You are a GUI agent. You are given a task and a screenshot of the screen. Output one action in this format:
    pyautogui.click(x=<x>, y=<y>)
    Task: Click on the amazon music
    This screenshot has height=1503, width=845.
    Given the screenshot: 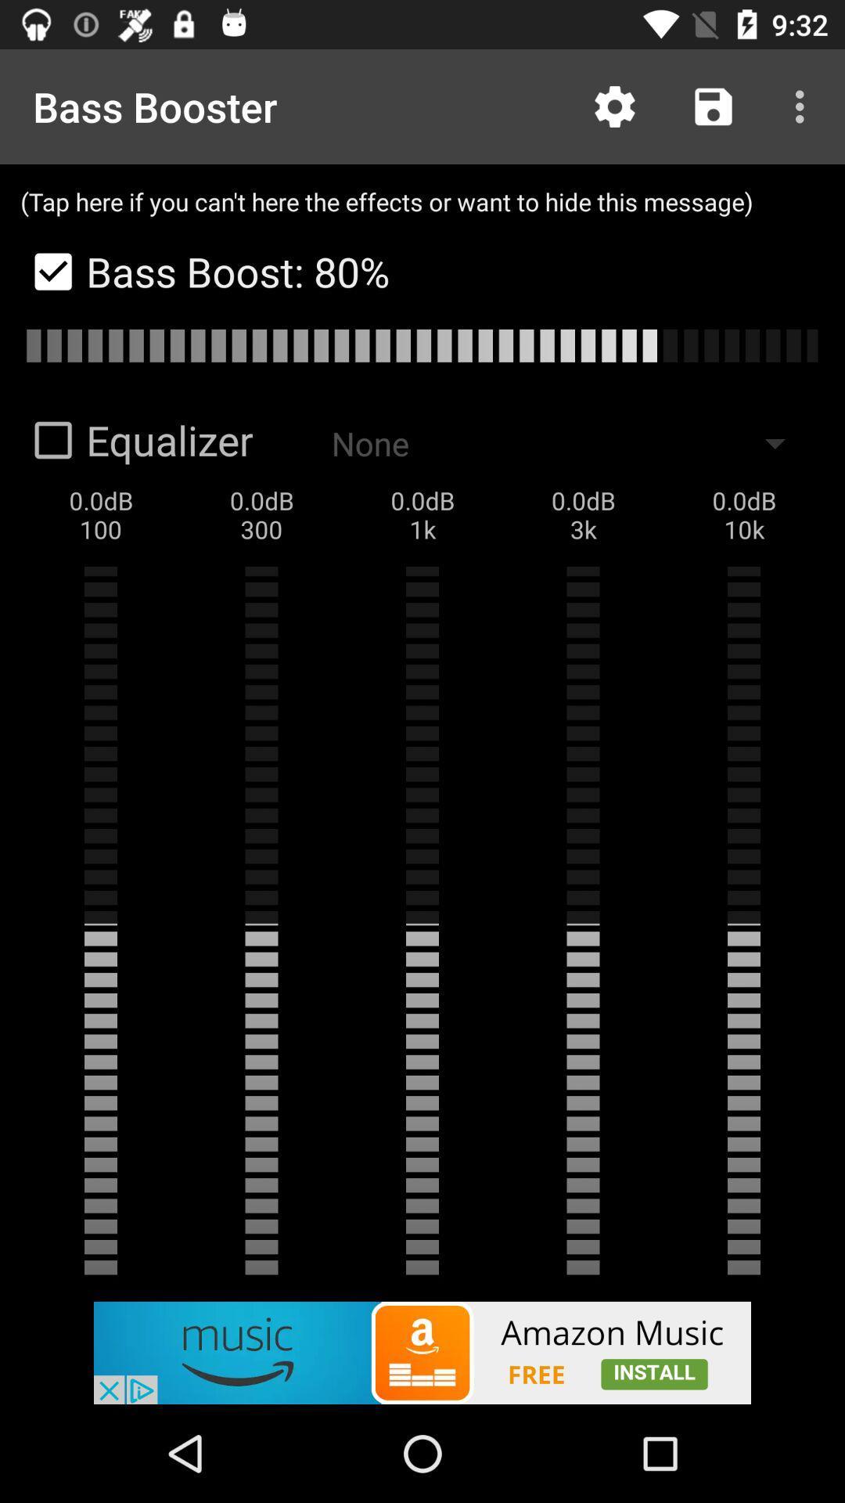 What is the action you would take?
    pyautogui.click(x=422, y=1352)
    